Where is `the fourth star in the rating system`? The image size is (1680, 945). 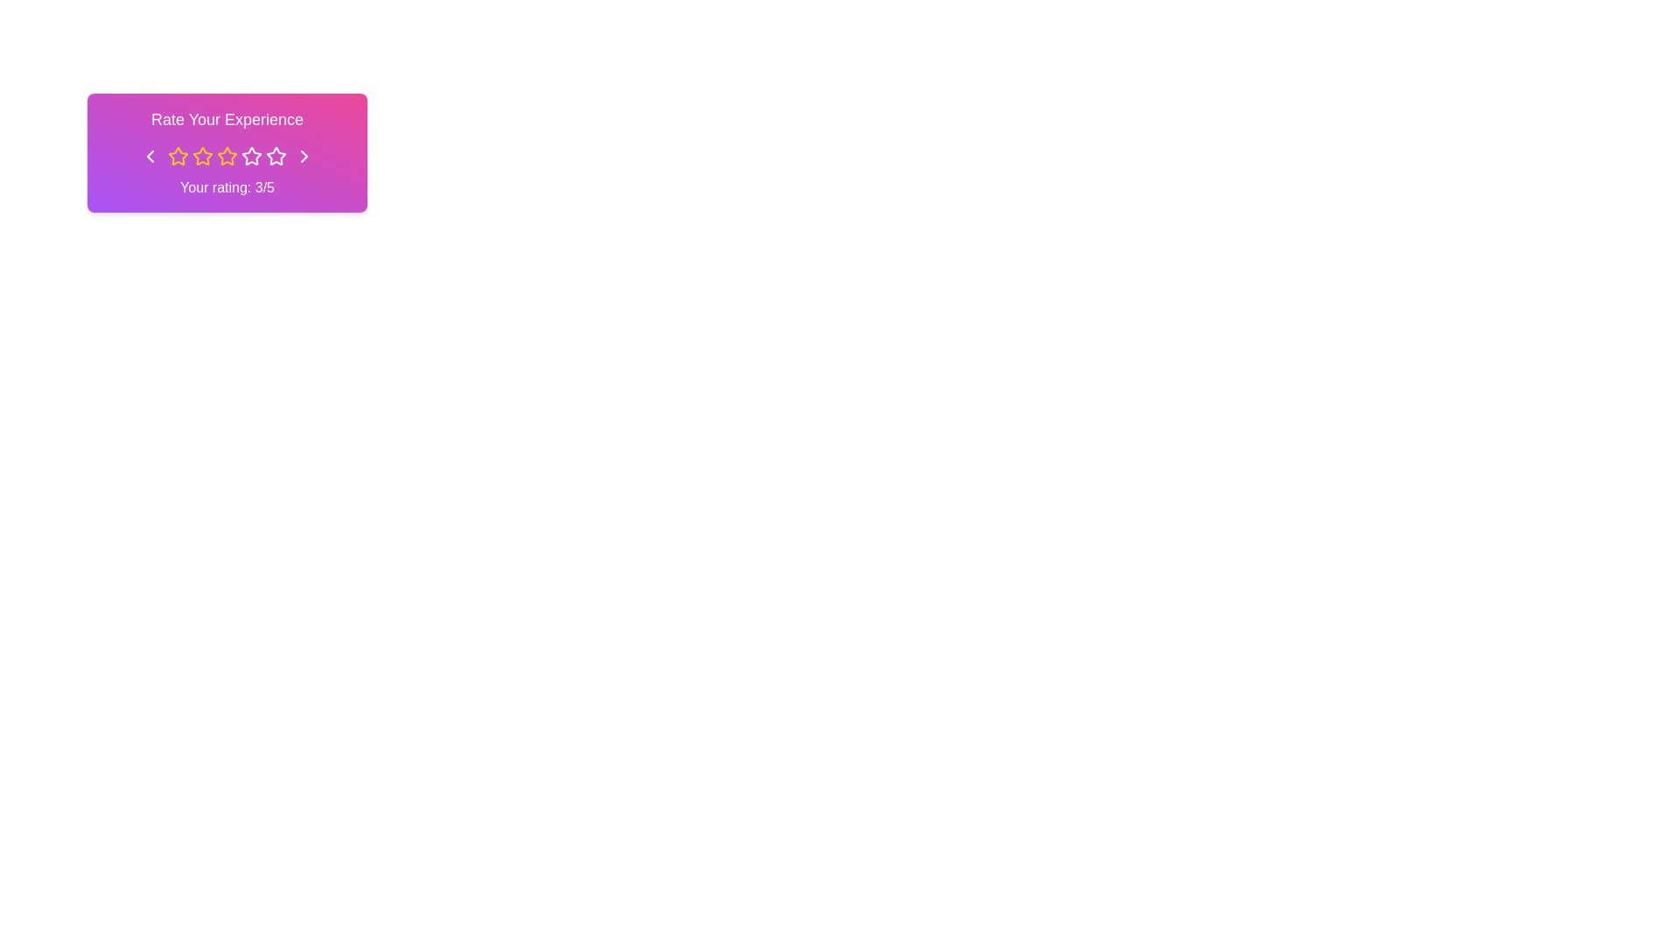 the fourth star in the rating system is located at coordinates (276, 155).